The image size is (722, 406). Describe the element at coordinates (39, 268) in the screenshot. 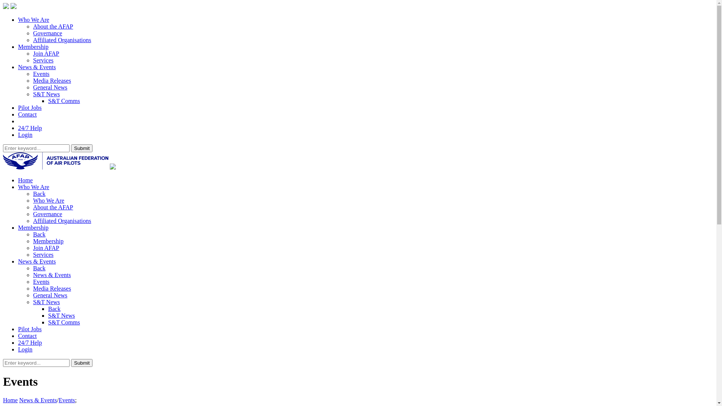

I see `'Back'` at that location.